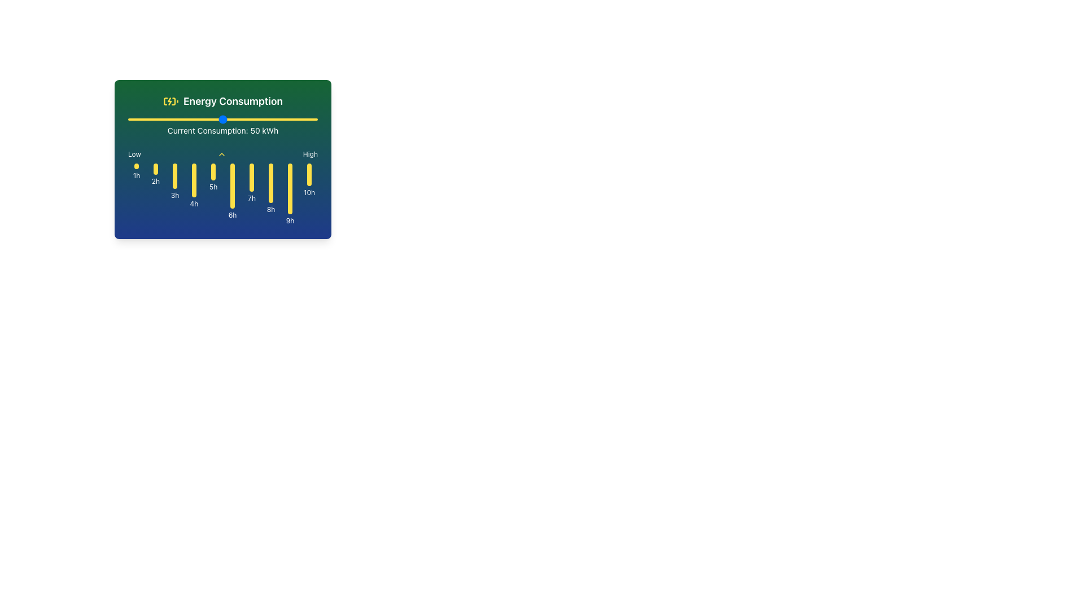  I want to click on the 6th yellow vertical bar in the bar chart labeled '6h', which visually represents data for a specific time segment, so click(232, 186).